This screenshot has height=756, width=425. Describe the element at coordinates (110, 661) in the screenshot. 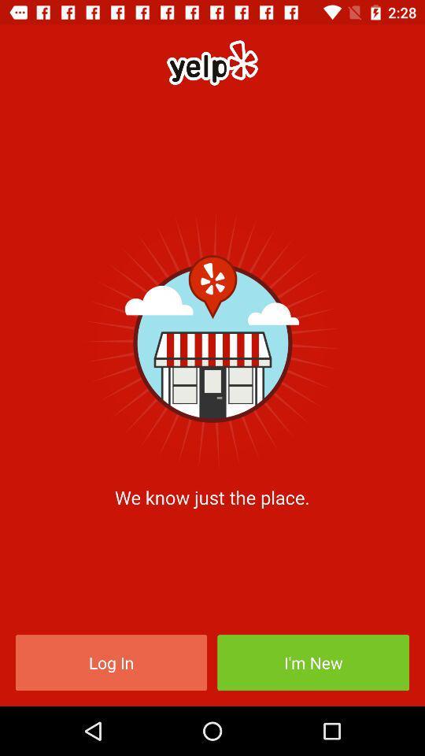

I see `the icon to the left of the i'm new` at that location.